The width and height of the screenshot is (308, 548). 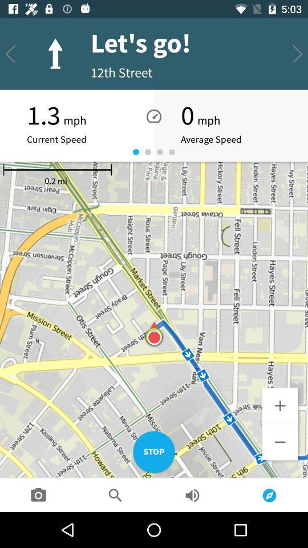 What do you see at coordinates (279, 406) in the screenshot?
I see `the  icon` at bounding box center [279, 406].